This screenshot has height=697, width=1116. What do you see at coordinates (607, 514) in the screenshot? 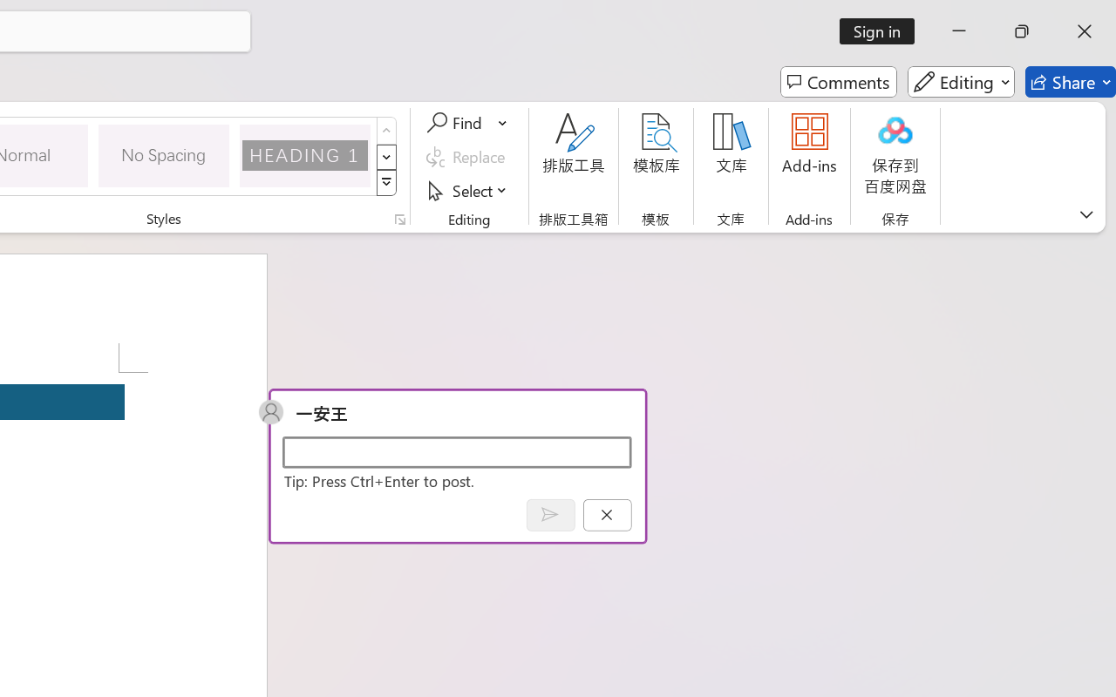
I see `'Cancel'` at bounding box center [607, 514].